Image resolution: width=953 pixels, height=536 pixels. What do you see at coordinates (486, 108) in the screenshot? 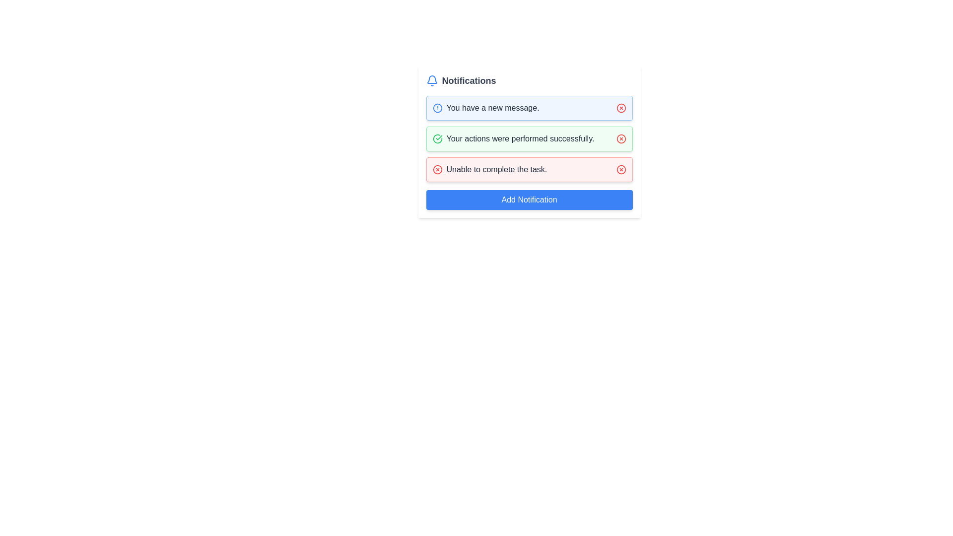
I see `the TextLabel displaying 'You have a new message.' which is styled in black sans-serif font and located within the notification box` at bounding box center [486, 108].